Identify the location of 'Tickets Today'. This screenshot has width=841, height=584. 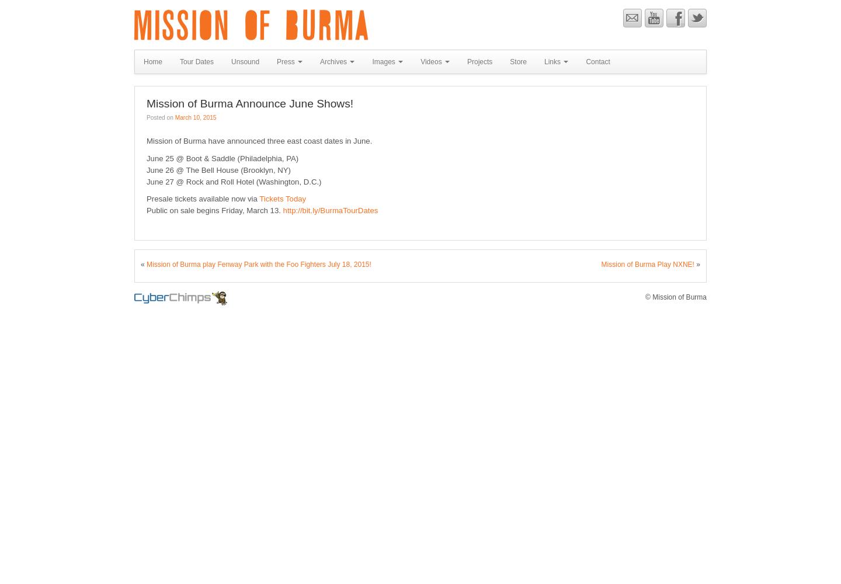
(282, 198).